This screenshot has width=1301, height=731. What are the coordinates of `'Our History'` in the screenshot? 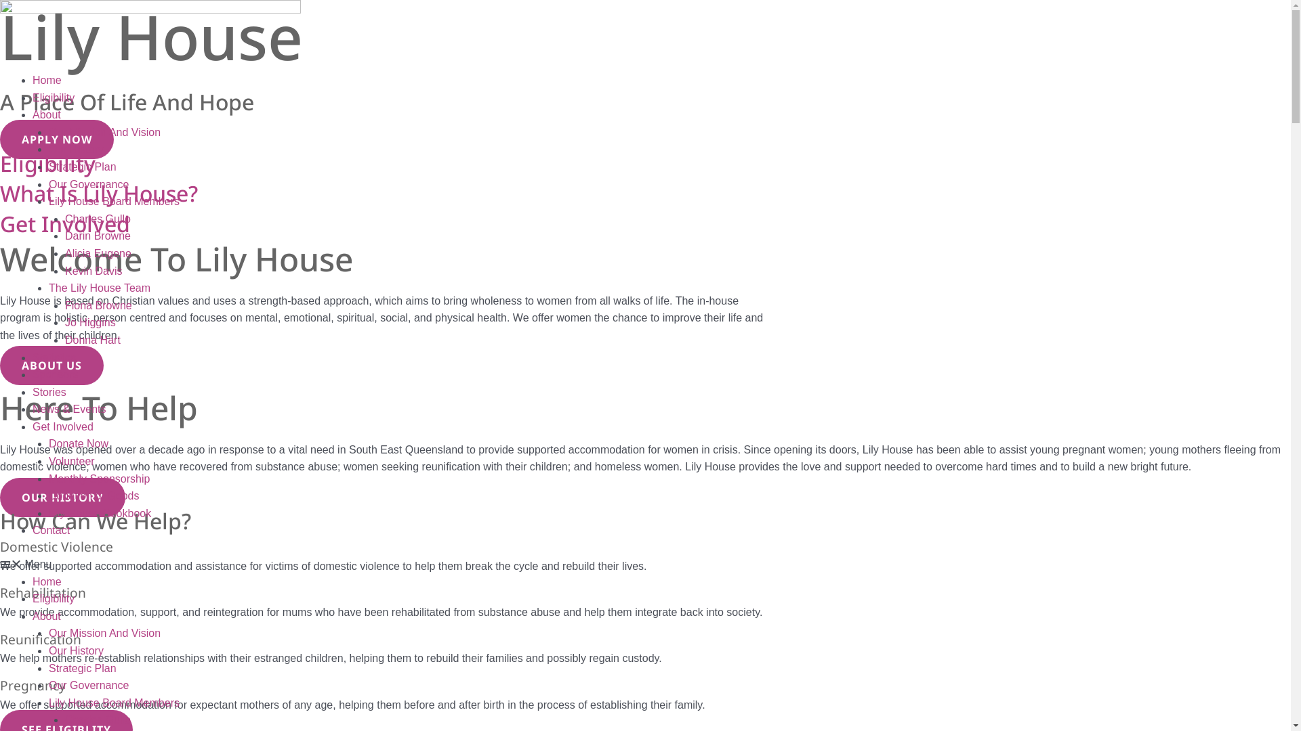 It's located at (49, 650).